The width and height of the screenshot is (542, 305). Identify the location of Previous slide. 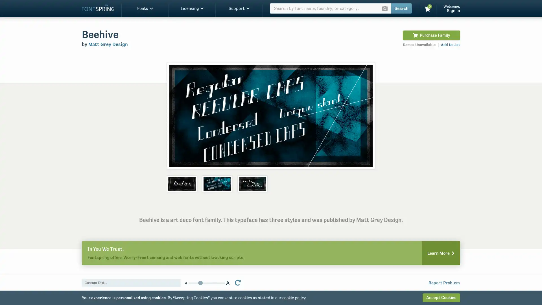
(177, 116).